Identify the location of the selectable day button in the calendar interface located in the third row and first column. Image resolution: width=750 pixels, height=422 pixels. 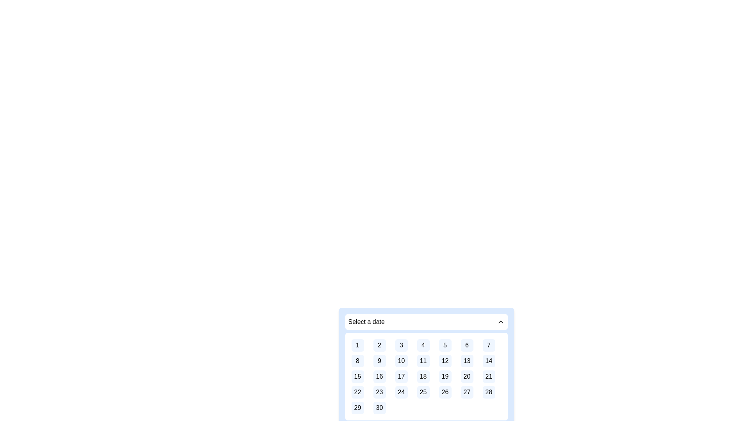
(357, 376).